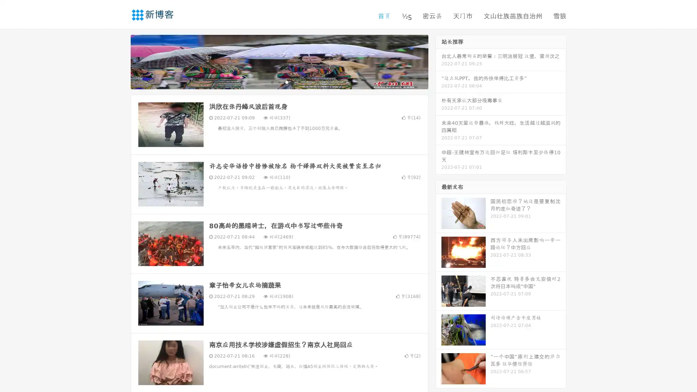 This screenshot has height=392, width=697. Describe the element at coordinates (439, 61) in the screenshot. I see `Next slide` at that location.